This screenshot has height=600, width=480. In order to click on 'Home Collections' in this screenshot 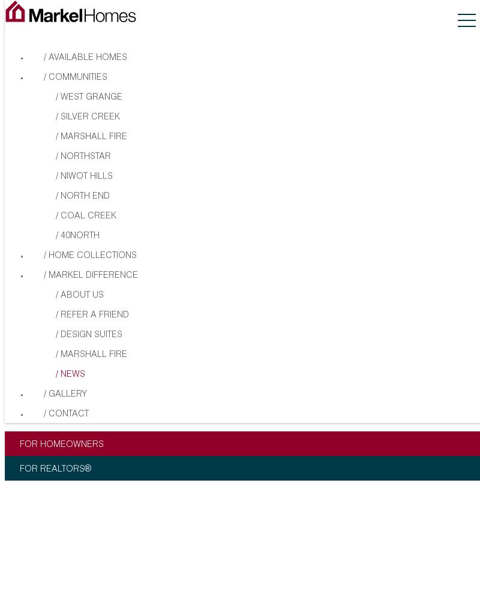, I will do `click(92, 256)`.